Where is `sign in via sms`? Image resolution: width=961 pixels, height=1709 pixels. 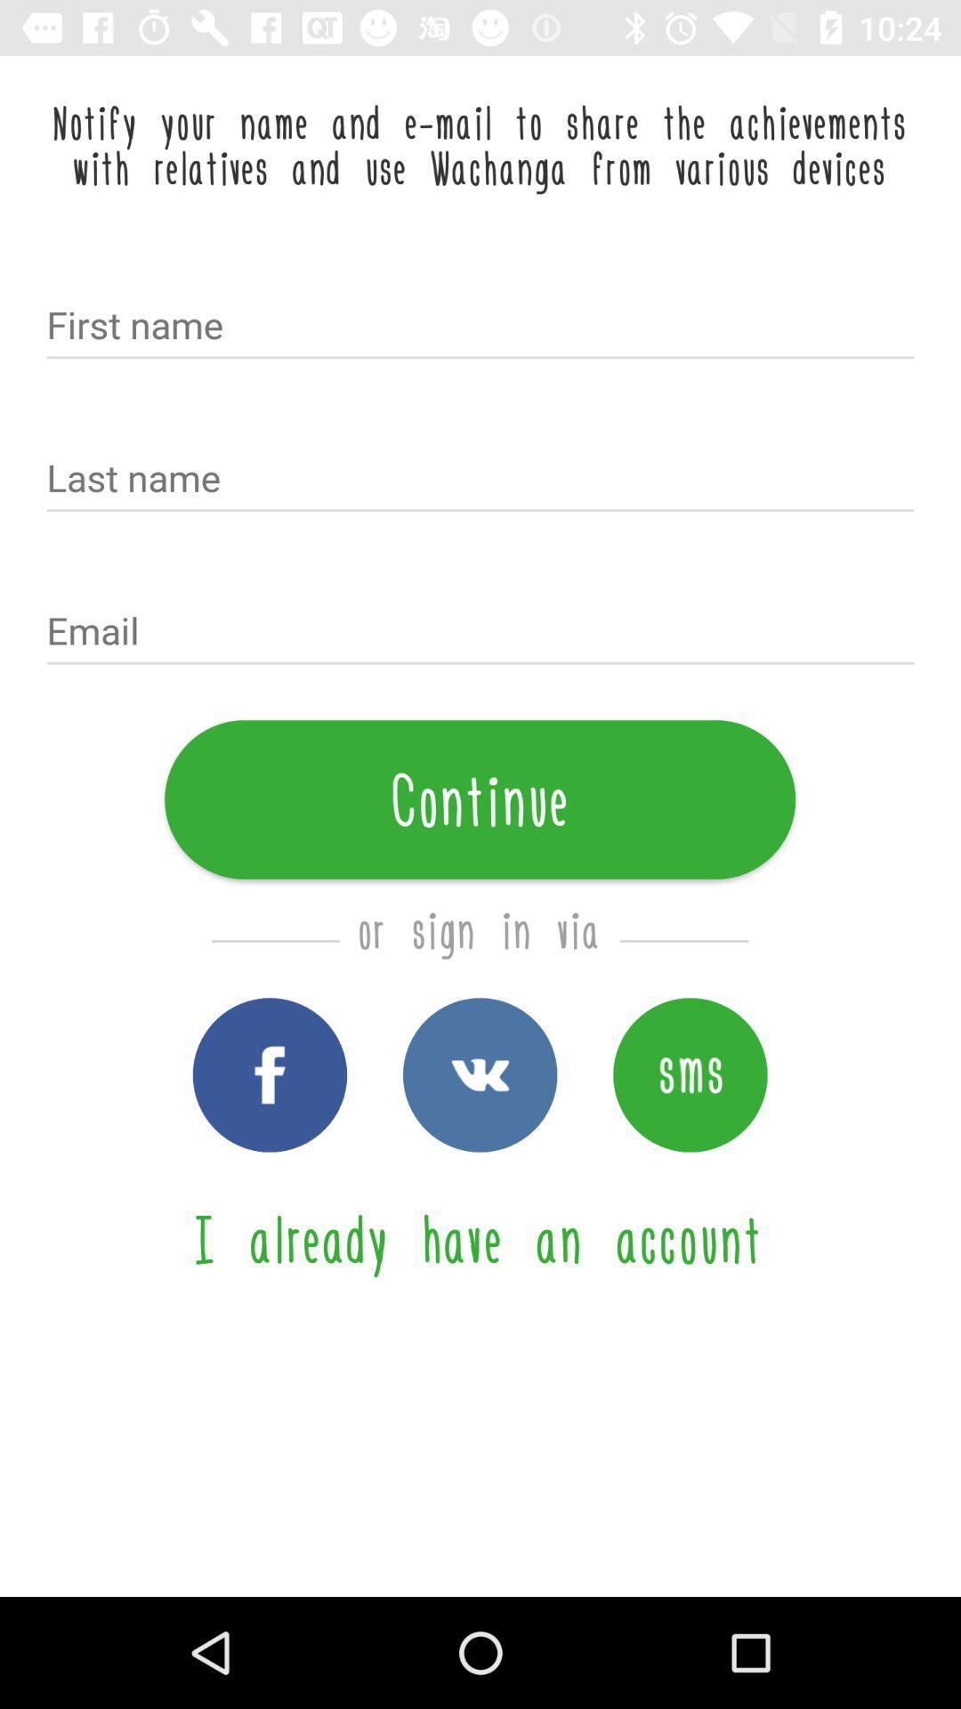
sign in via sms is located at coordinates (689, 1073).